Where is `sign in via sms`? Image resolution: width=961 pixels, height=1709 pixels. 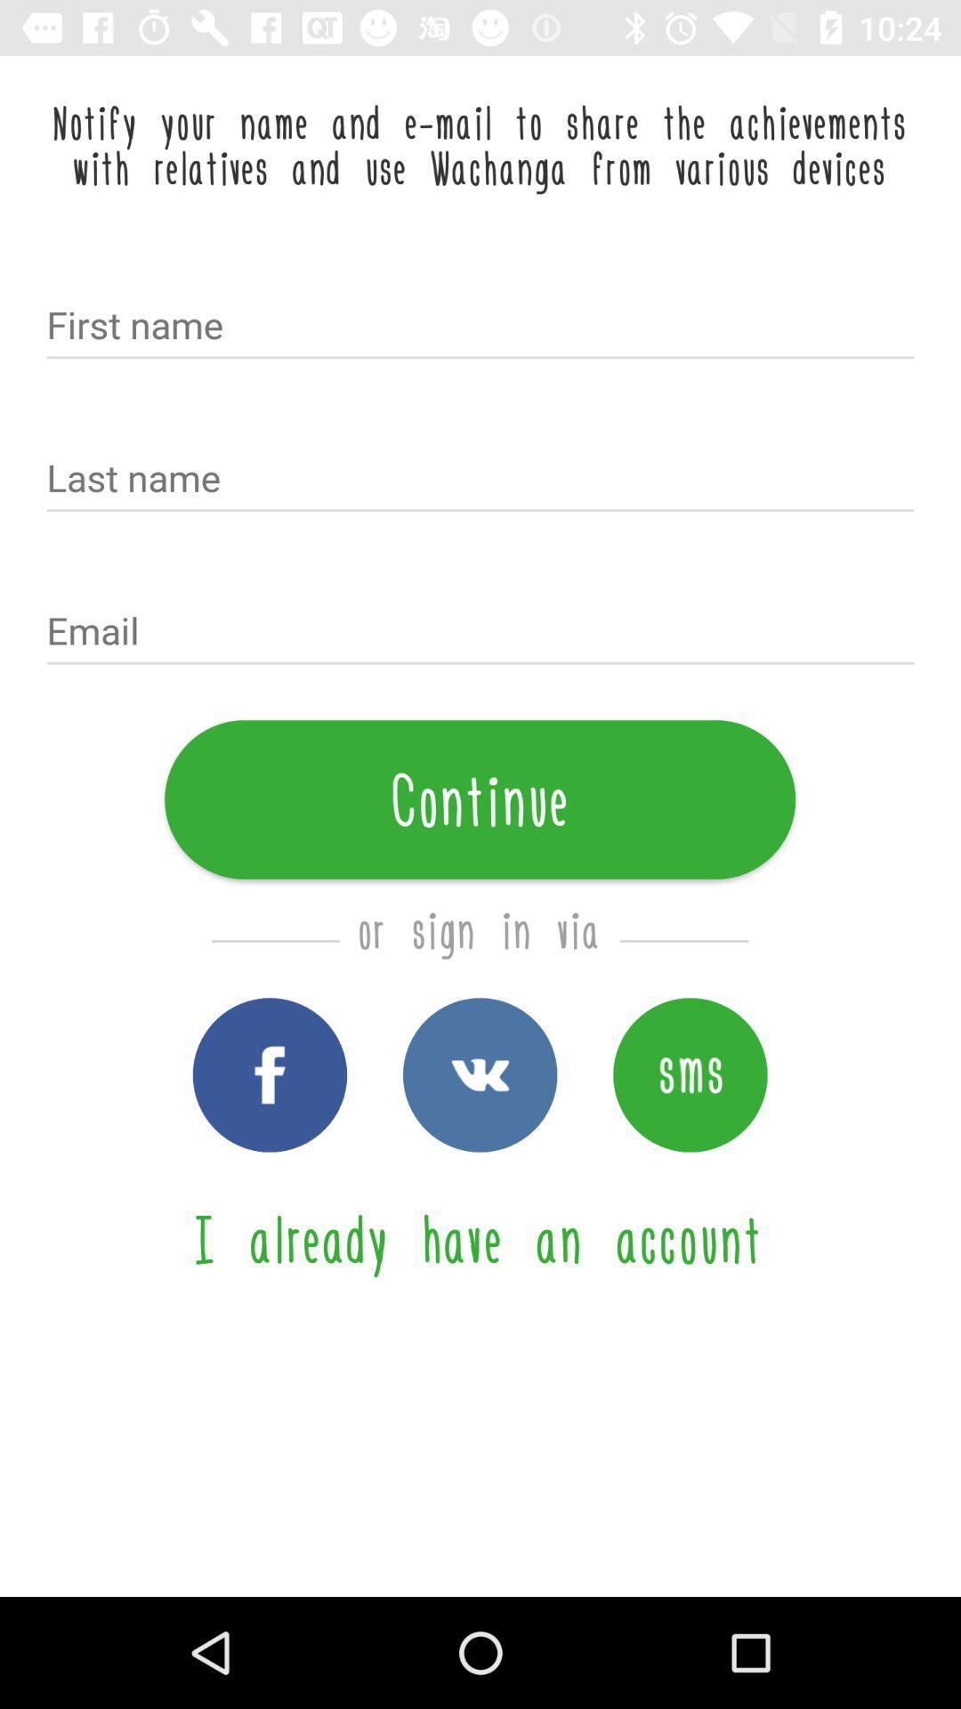
sign in via sms is located at coordinates (689, 1073).